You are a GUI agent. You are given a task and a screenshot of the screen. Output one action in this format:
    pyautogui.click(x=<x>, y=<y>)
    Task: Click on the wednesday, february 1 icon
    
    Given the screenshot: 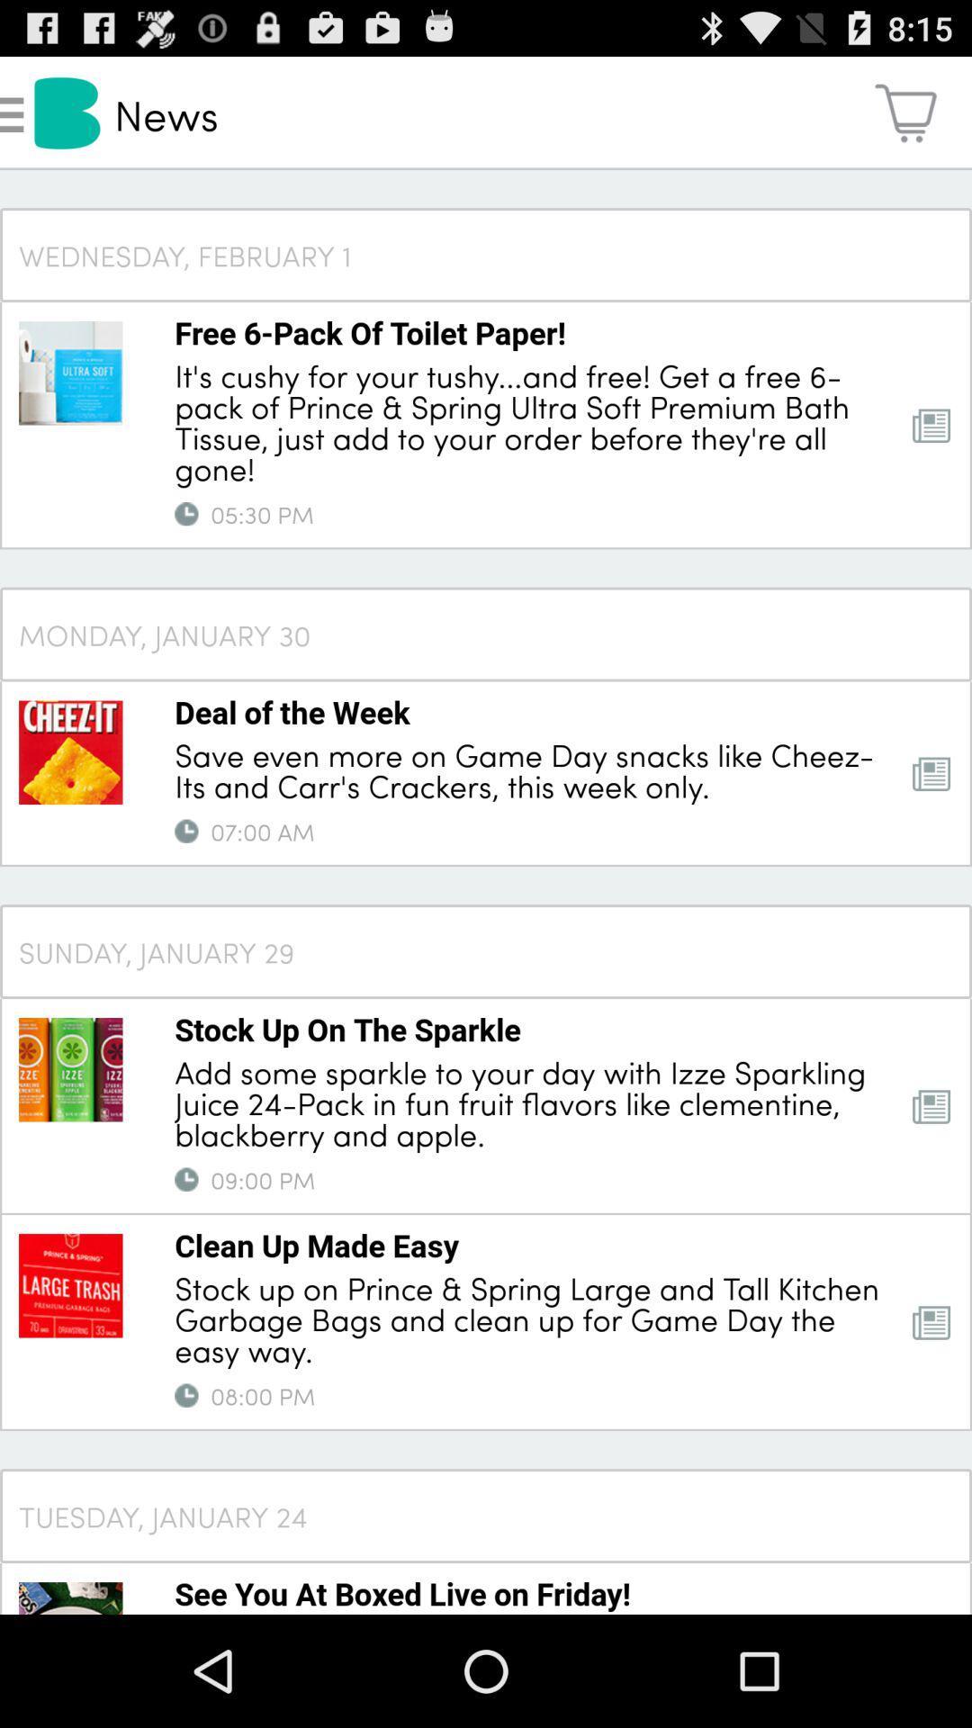 What is the action you would take?
    pyautogui.click(x=486, y=254)
    